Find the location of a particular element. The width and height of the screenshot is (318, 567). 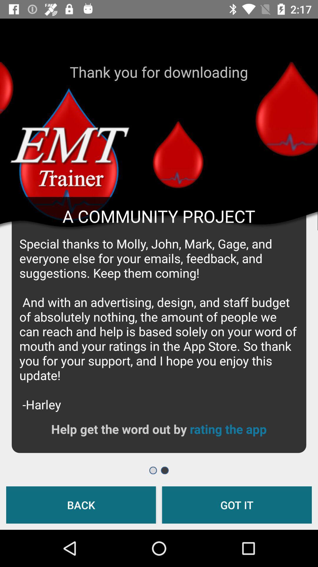

item below the special thanks to is located at coordinates (228, 429).